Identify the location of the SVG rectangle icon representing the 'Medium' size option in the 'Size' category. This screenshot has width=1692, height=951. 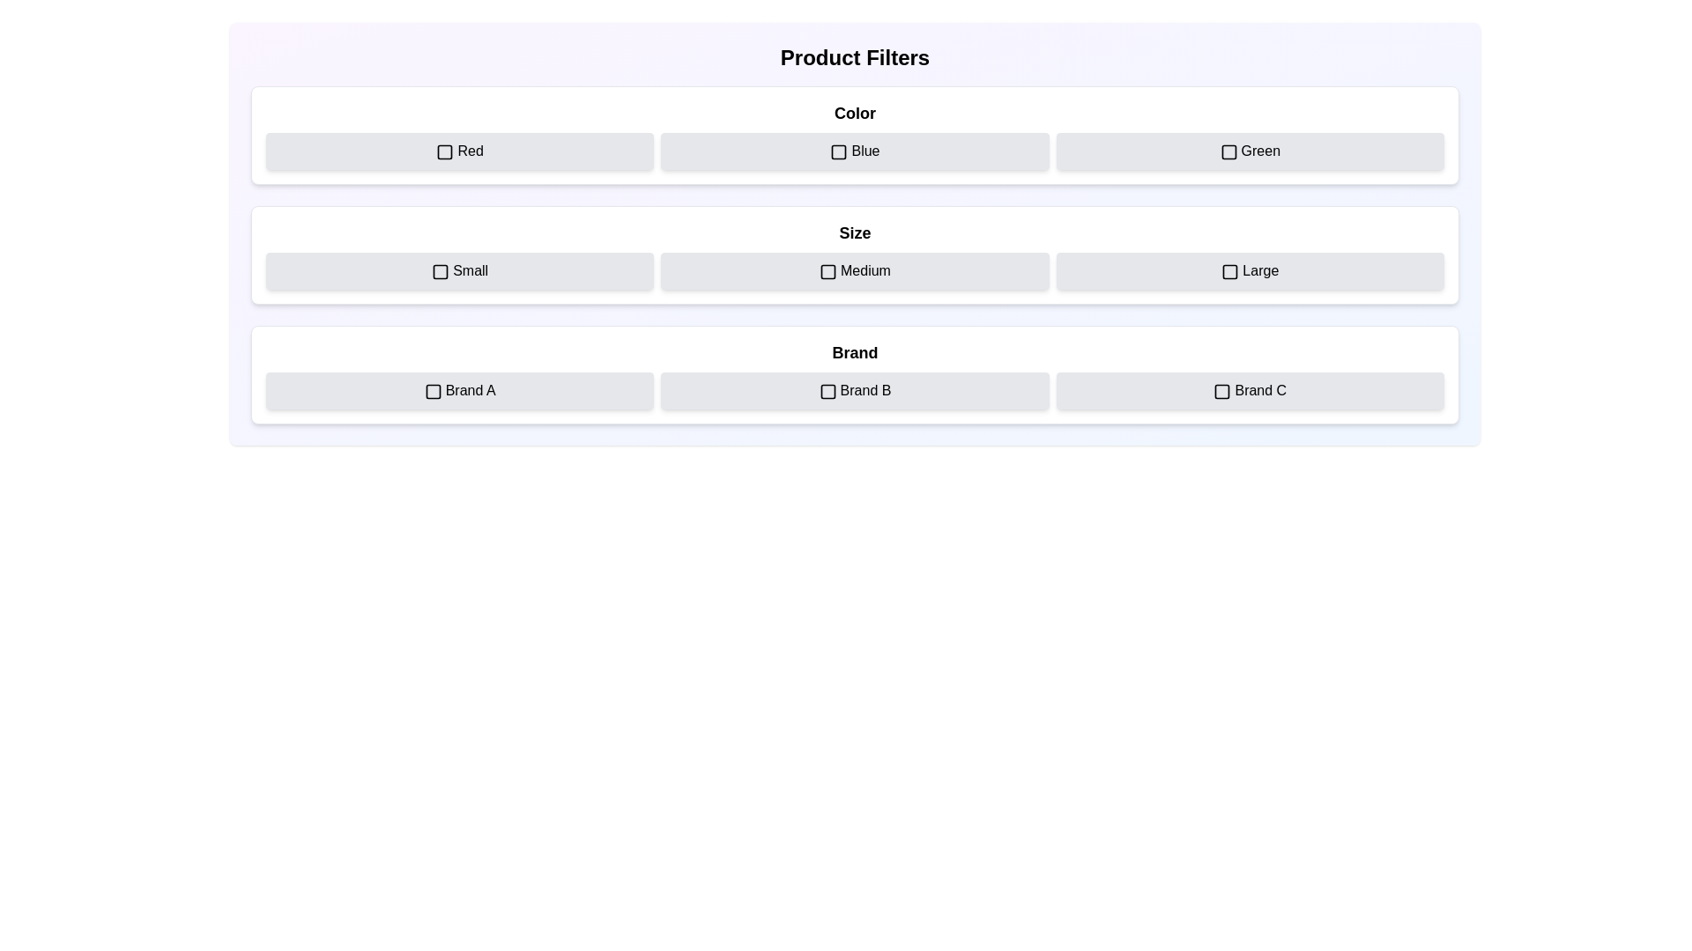
(827, 271).